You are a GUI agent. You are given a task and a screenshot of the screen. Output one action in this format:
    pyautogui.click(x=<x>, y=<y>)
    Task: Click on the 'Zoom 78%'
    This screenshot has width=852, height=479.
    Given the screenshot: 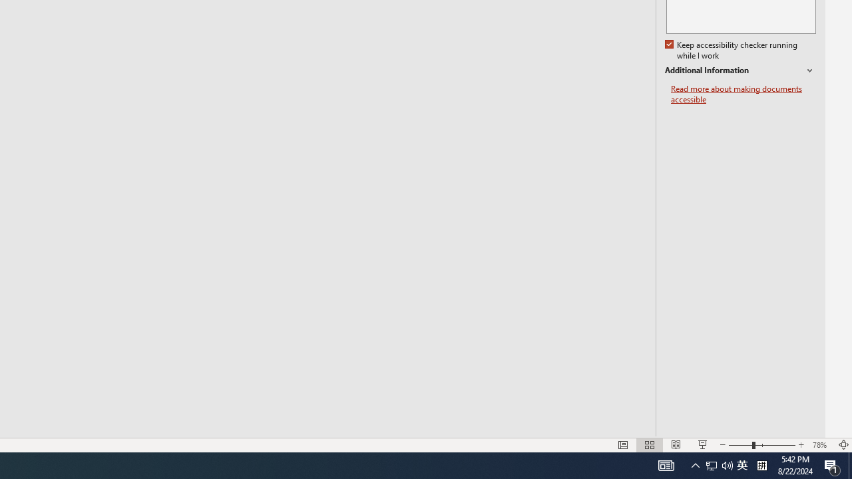 What is the action you would take?
    pyautogui.click(x=821, y=445)
    